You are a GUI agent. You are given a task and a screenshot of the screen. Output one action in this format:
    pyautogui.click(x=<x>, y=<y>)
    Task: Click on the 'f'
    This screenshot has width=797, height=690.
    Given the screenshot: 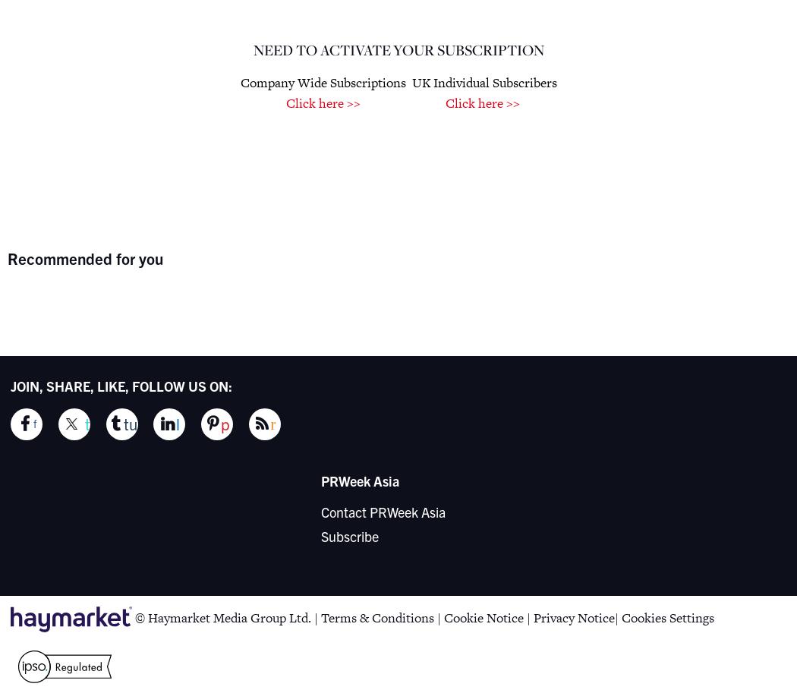 What is the action you would take?
    pyautogui.click(x=33, y=424)
    